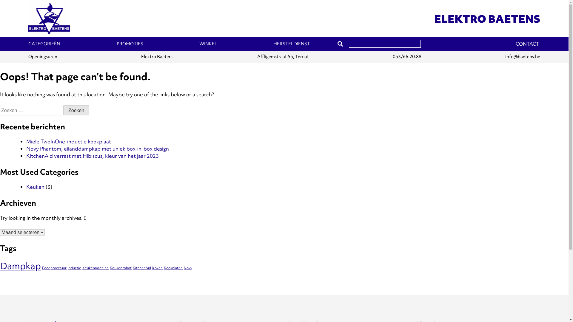  I want to click on '053/66.20.88', so click(406, 57).